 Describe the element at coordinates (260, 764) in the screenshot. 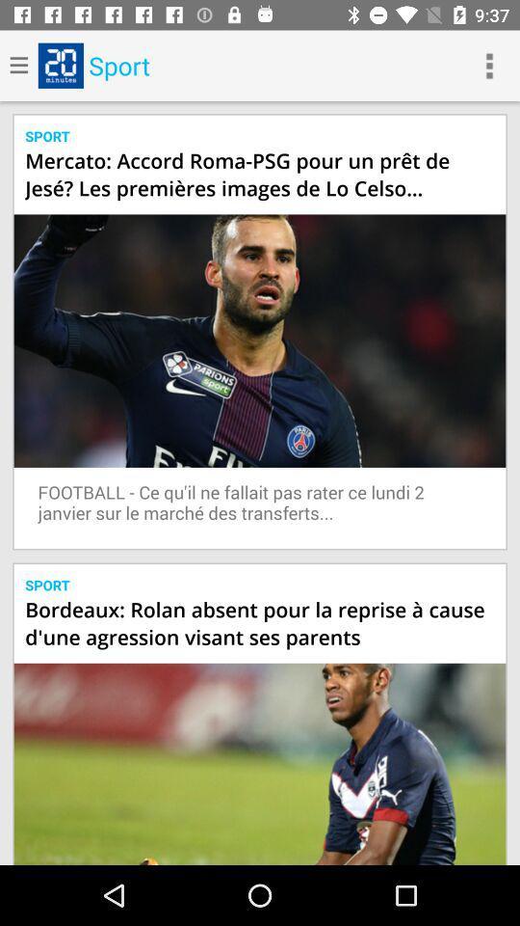

I see `the second image` at that location.